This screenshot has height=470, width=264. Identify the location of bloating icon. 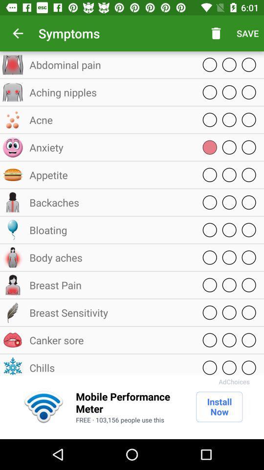
(110, 230).